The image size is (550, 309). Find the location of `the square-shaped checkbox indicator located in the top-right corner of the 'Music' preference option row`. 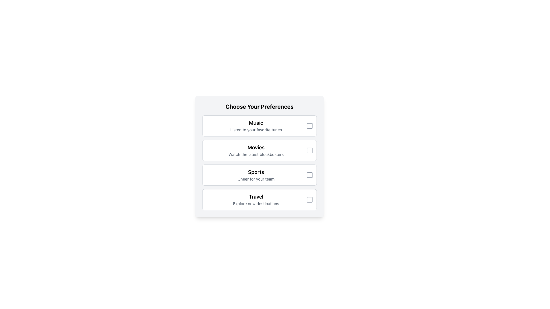

the square-shaped checkbox indicator located in the top-right corner of the 'Music' preference option row is located at coordinates (309, 125).